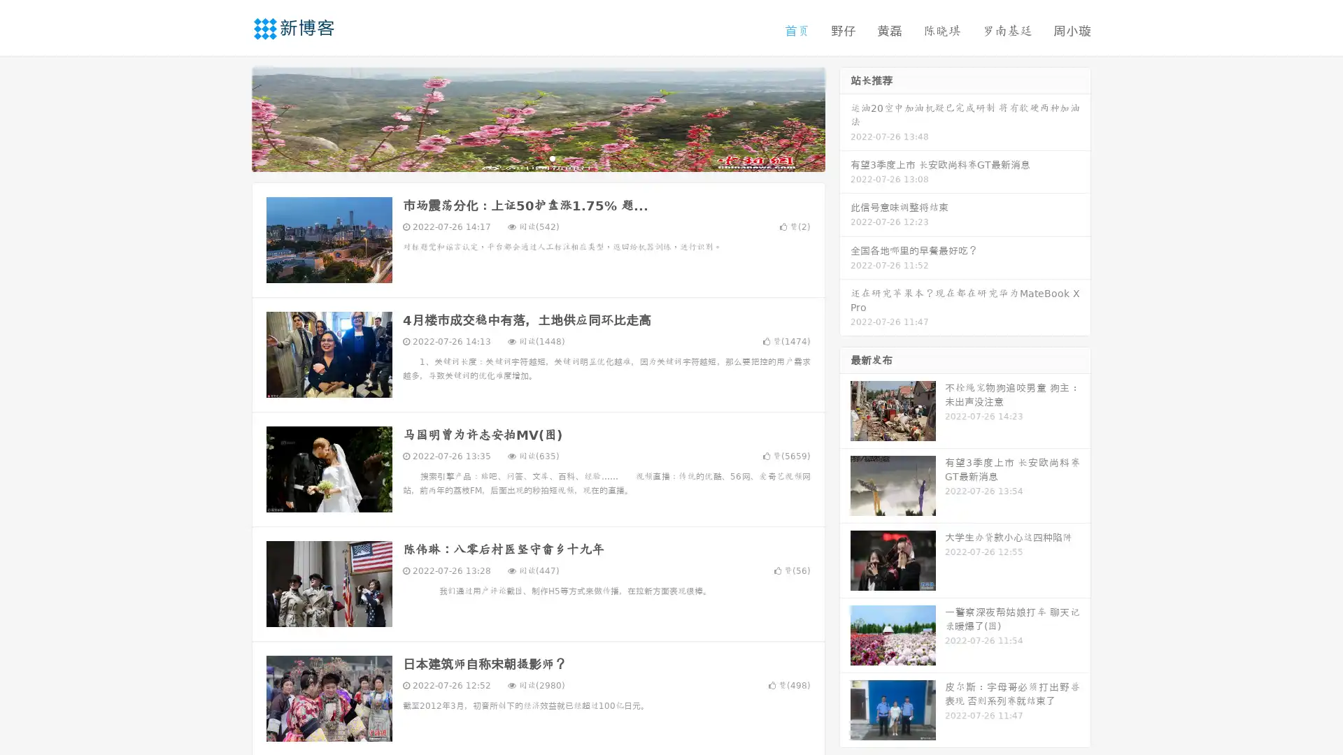  What do you see at coordinates (523, 157) in the screenshot?
I see `Go to slide 1` at bounding box center [523, 157].